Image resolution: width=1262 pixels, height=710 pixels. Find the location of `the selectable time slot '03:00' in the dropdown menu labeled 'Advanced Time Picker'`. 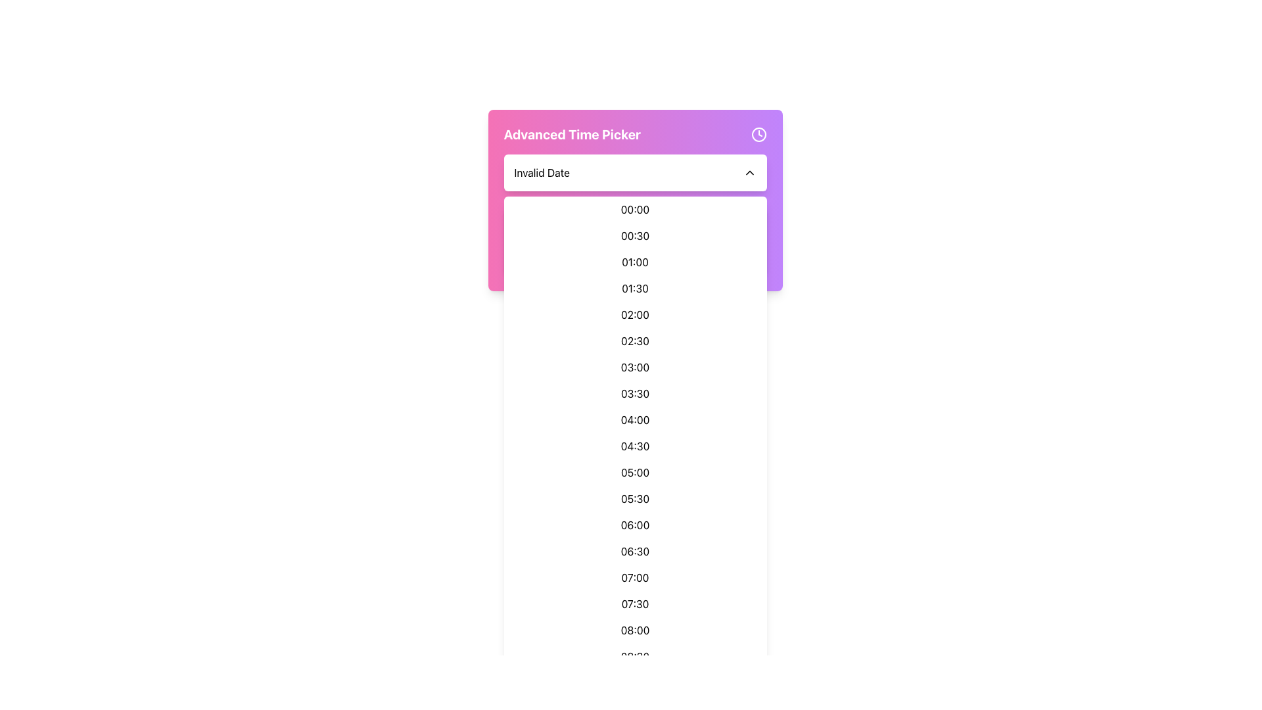

the selectable time slot '03:00' in the dropdown menu labeled 'Advanced Time Picker' is located at coordinates (635, 367).